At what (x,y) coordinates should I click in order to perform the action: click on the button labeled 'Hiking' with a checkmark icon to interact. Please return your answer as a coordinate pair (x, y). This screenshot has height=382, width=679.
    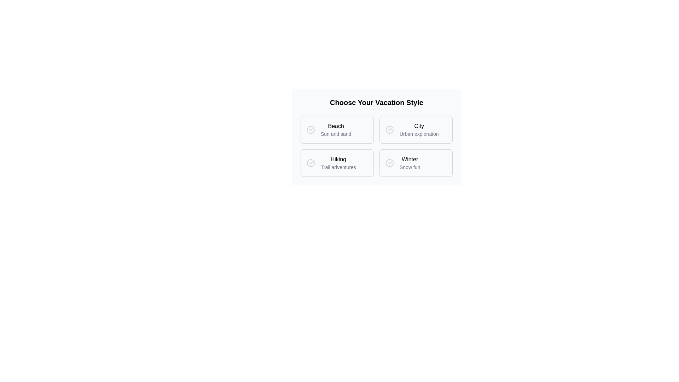
    Looking at the image, I should click on (337, 163).